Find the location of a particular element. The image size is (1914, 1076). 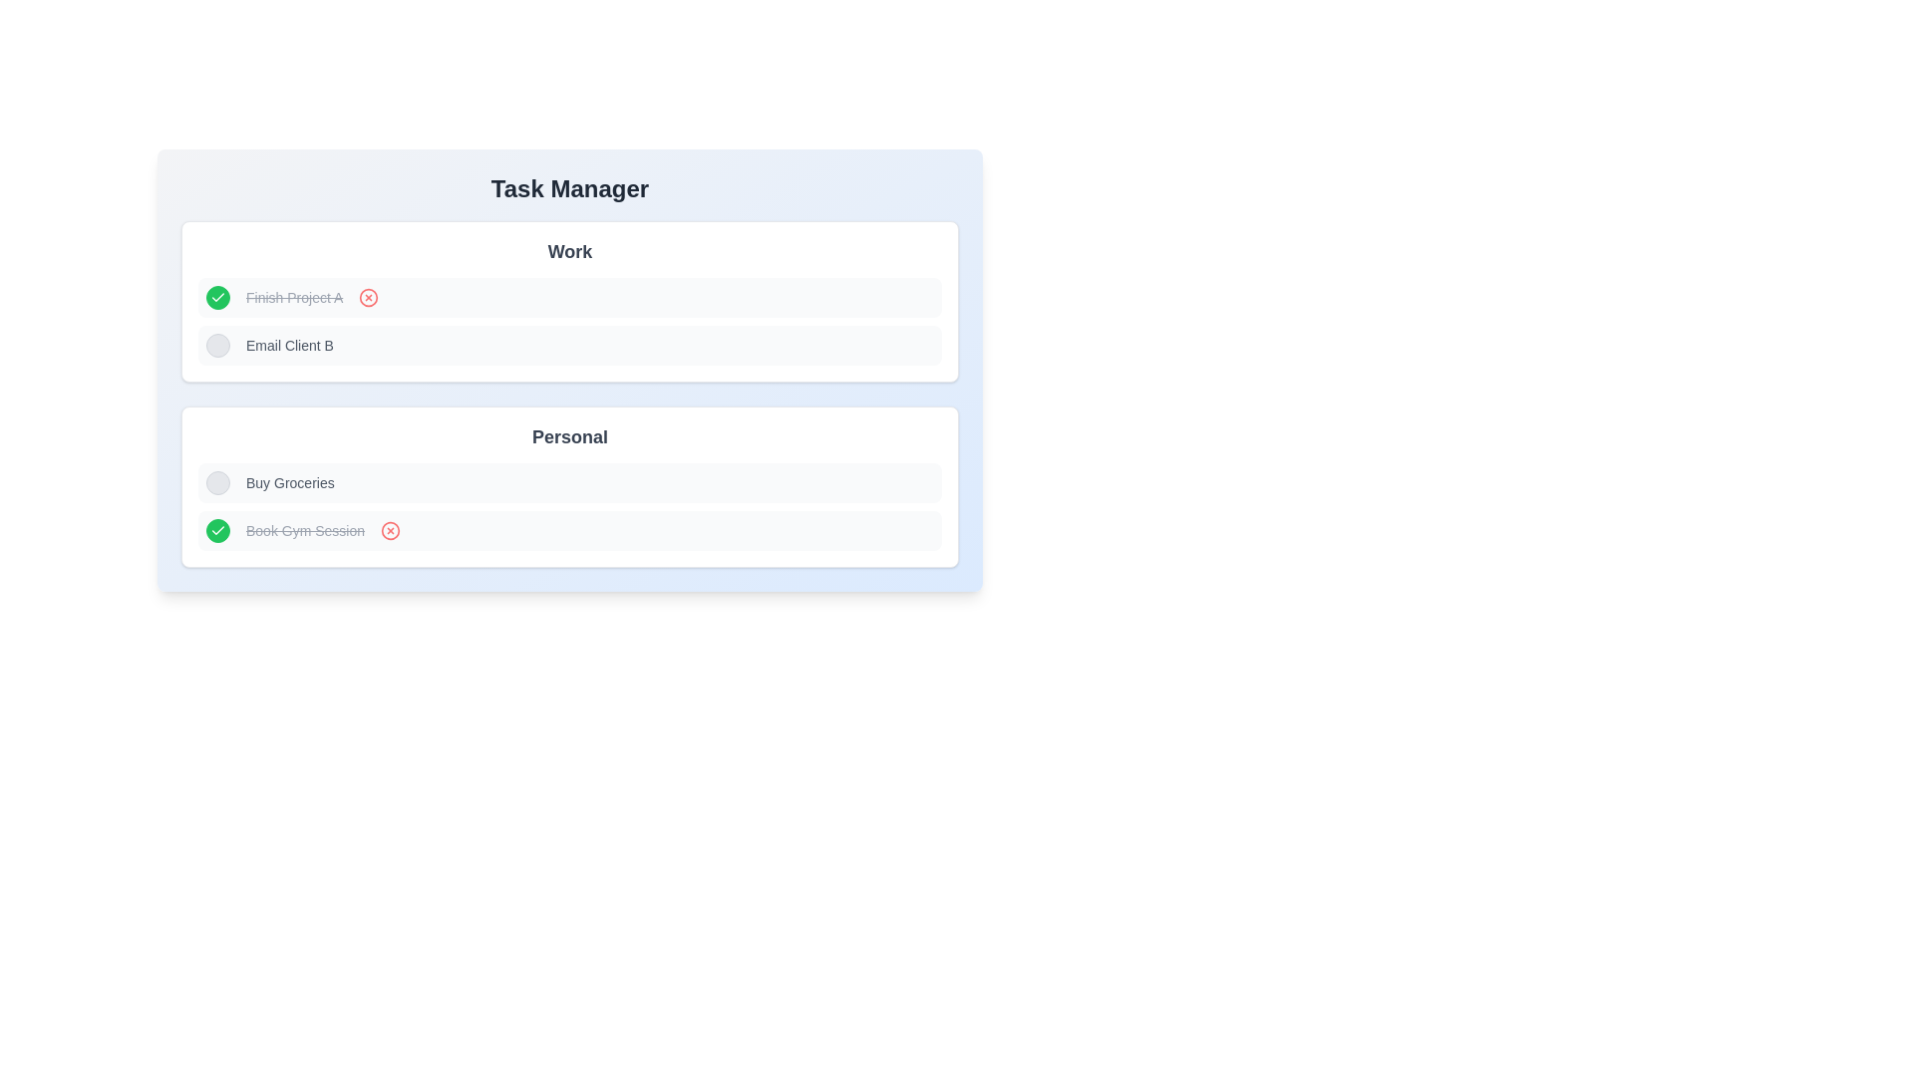

the Heading element at the top of the task manager interface, which serves as the title for the displayed tasks is located at coordinates (568, 188).